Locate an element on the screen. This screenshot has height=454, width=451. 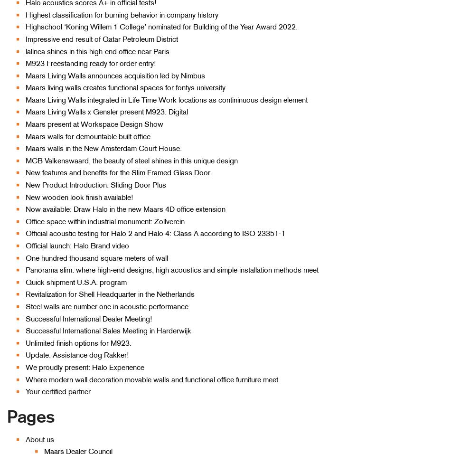
'Room-in-Room' is located at coordinates (26, 299).